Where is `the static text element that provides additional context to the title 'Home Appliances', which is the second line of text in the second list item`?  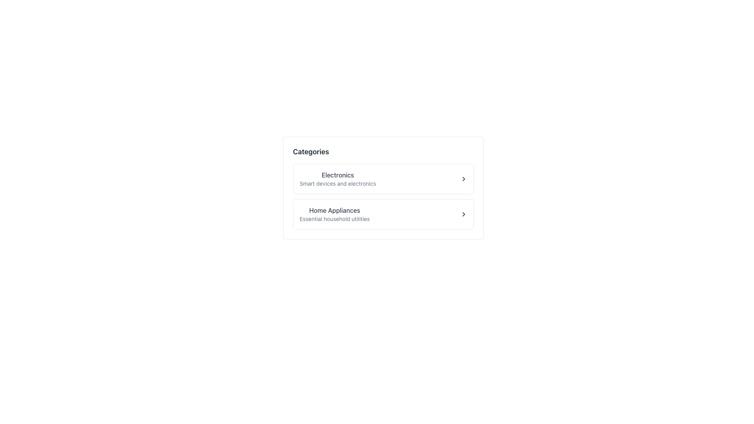 the static text element that provides additional context to the title 'Home Appliances', which is the second line of text in the second list item is located at coordinates (335, 219).